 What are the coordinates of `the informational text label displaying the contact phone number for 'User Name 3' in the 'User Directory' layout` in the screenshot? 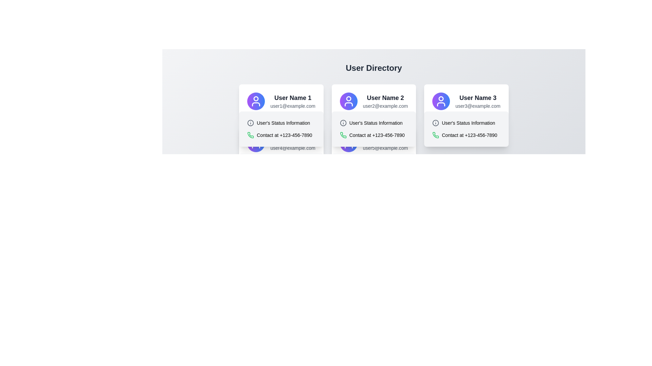 It's located at (469, 135).